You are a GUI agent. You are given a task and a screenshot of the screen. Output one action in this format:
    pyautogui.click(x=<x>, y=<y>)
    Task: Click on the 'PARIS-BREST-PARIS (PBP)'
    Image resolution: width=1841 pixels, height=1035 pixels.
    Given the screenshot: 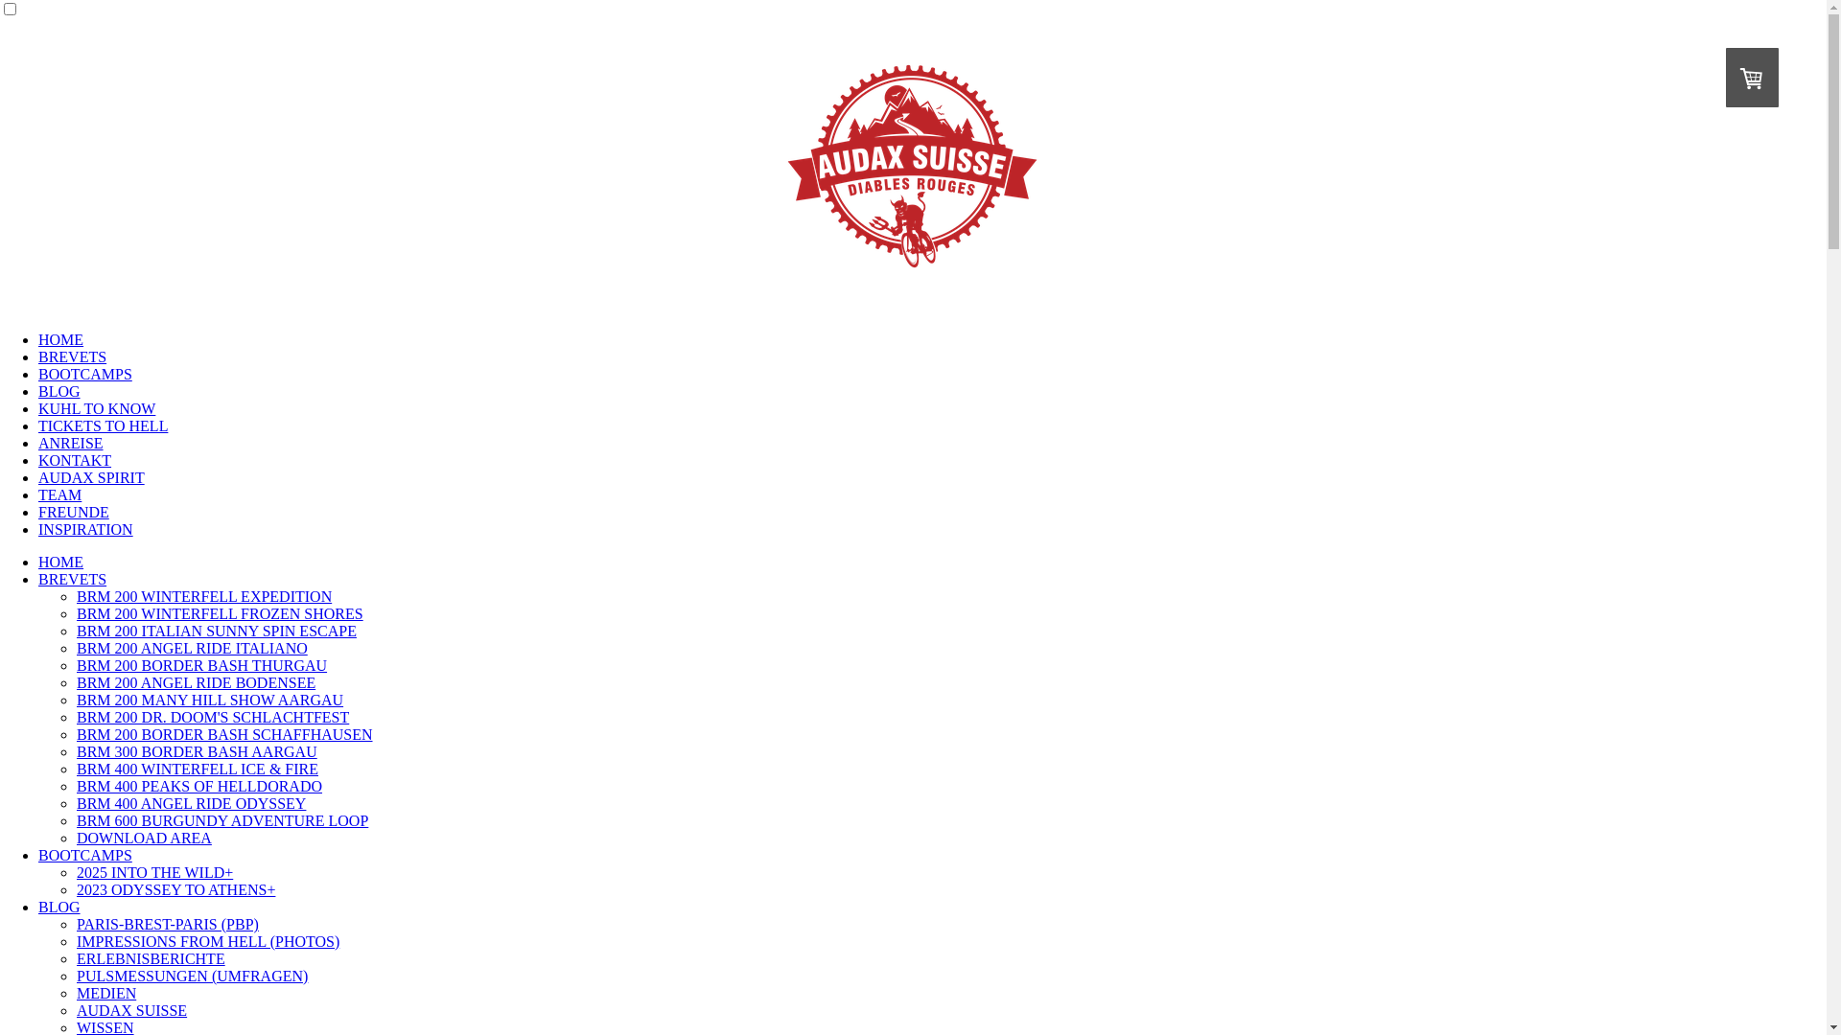 What is the action you would take?
    pyautogui.click(x=167, y=923)
    